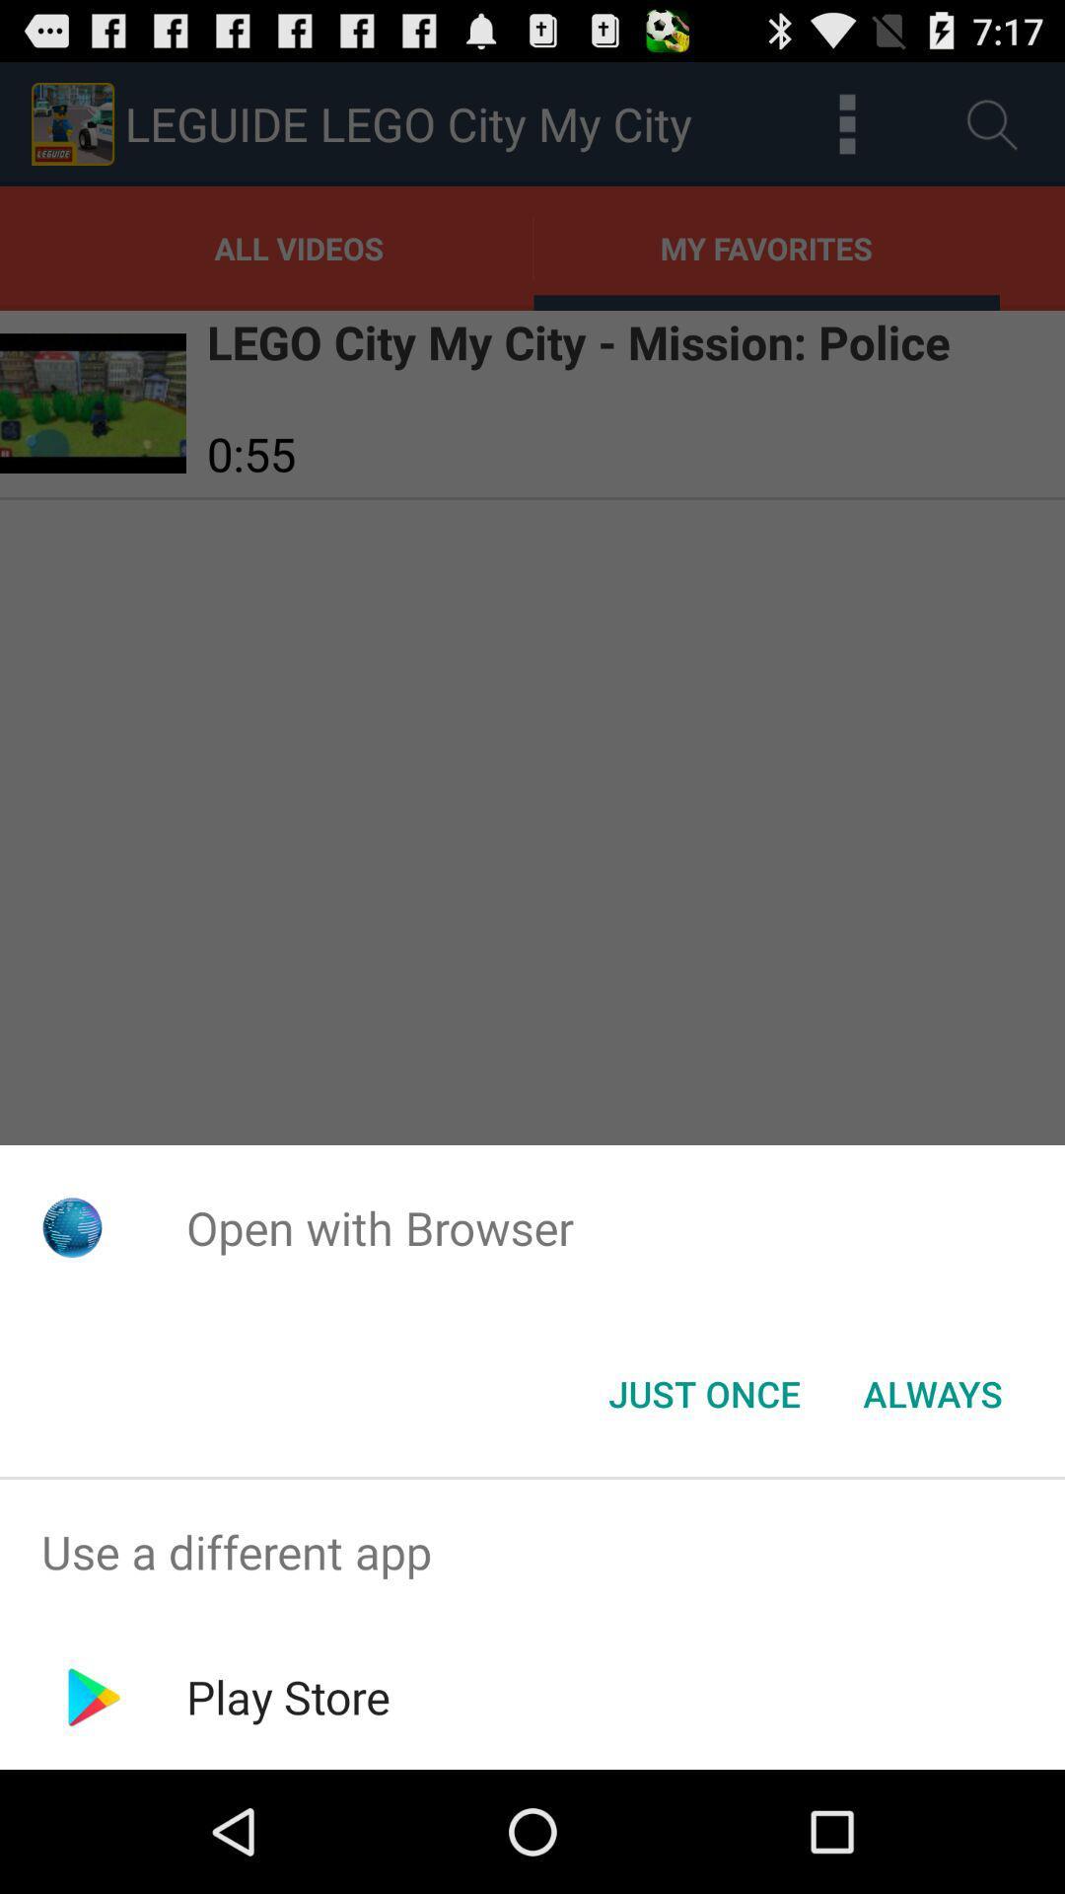  I want to click on play store icon, so click(288, 1696).